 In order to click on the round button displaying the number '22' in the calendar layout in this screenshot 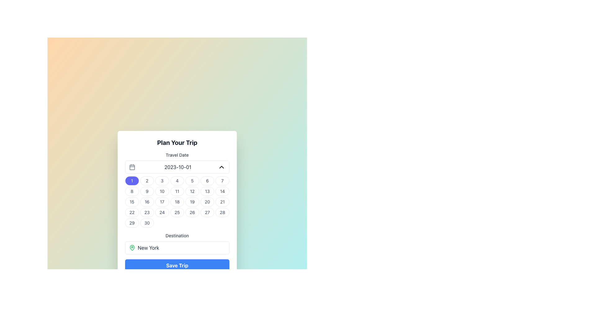, I will do `click(132, 212)`.